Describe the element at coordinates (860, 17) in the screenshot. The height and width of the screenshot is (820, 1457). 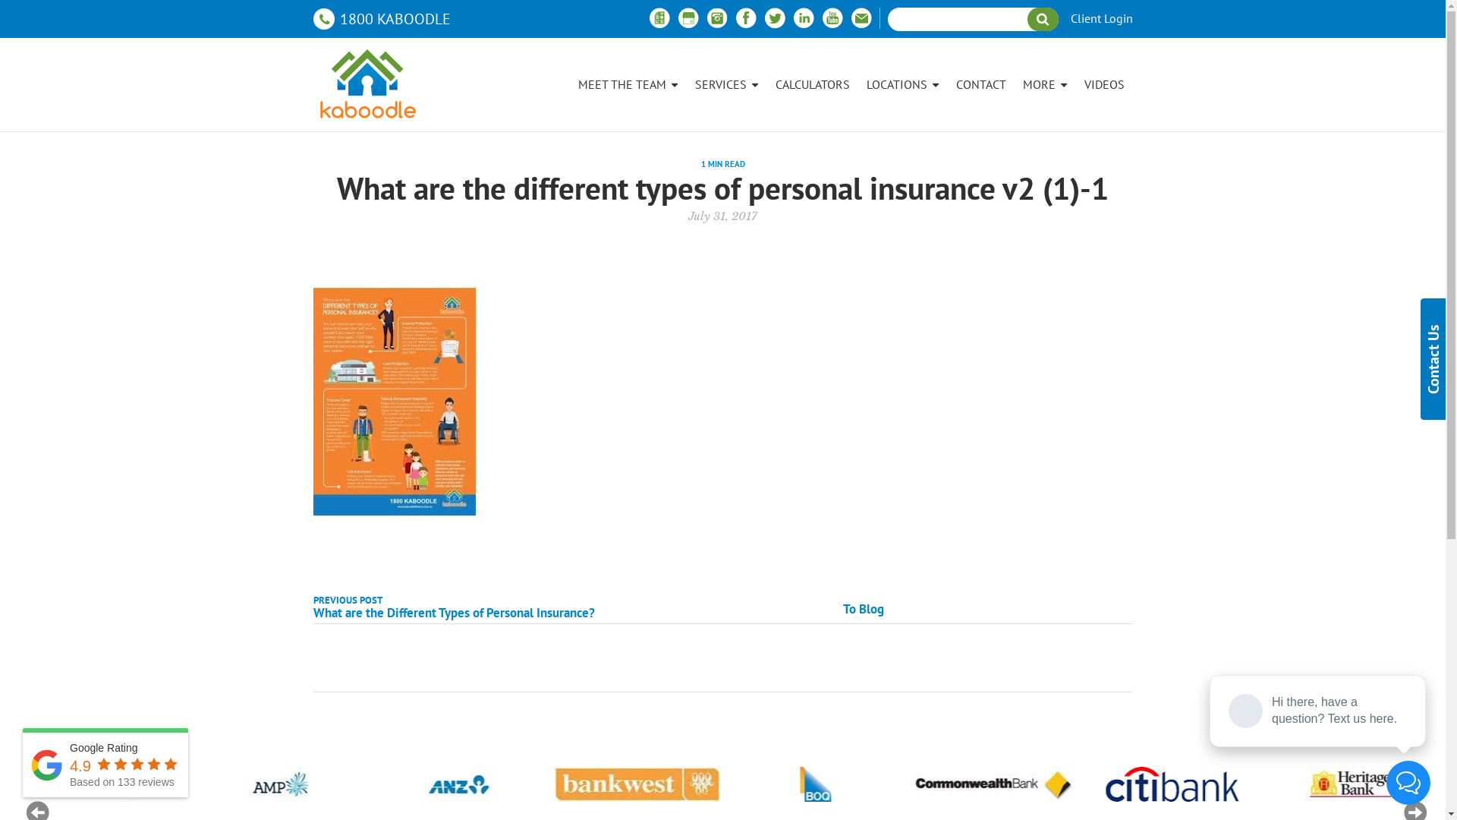
I see `'email'` at that location.